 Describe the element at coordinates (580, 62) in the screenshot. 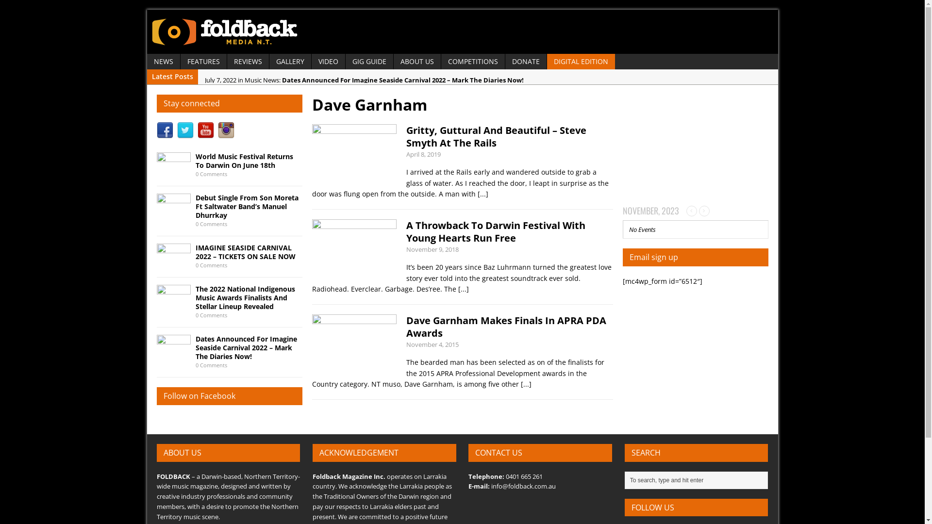

I see `'DIGITAL EDITION'` at that location.